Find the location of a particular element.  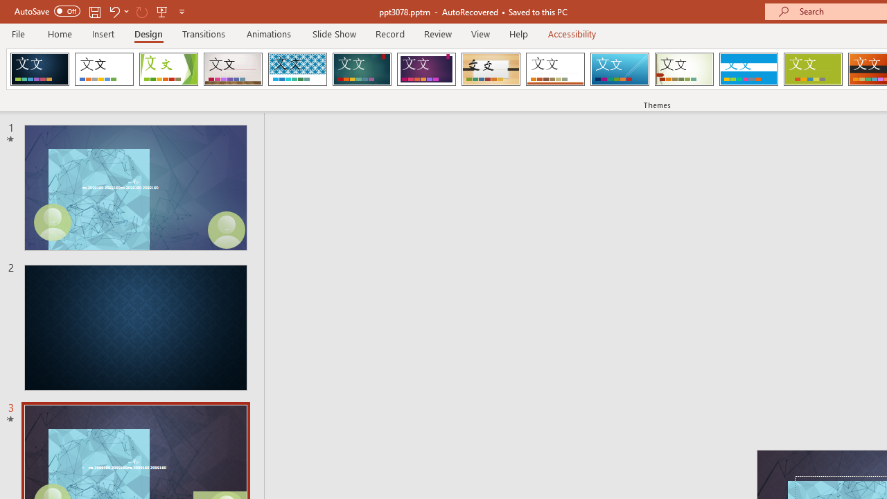

'Ion' is located at coordinates (362, 69).